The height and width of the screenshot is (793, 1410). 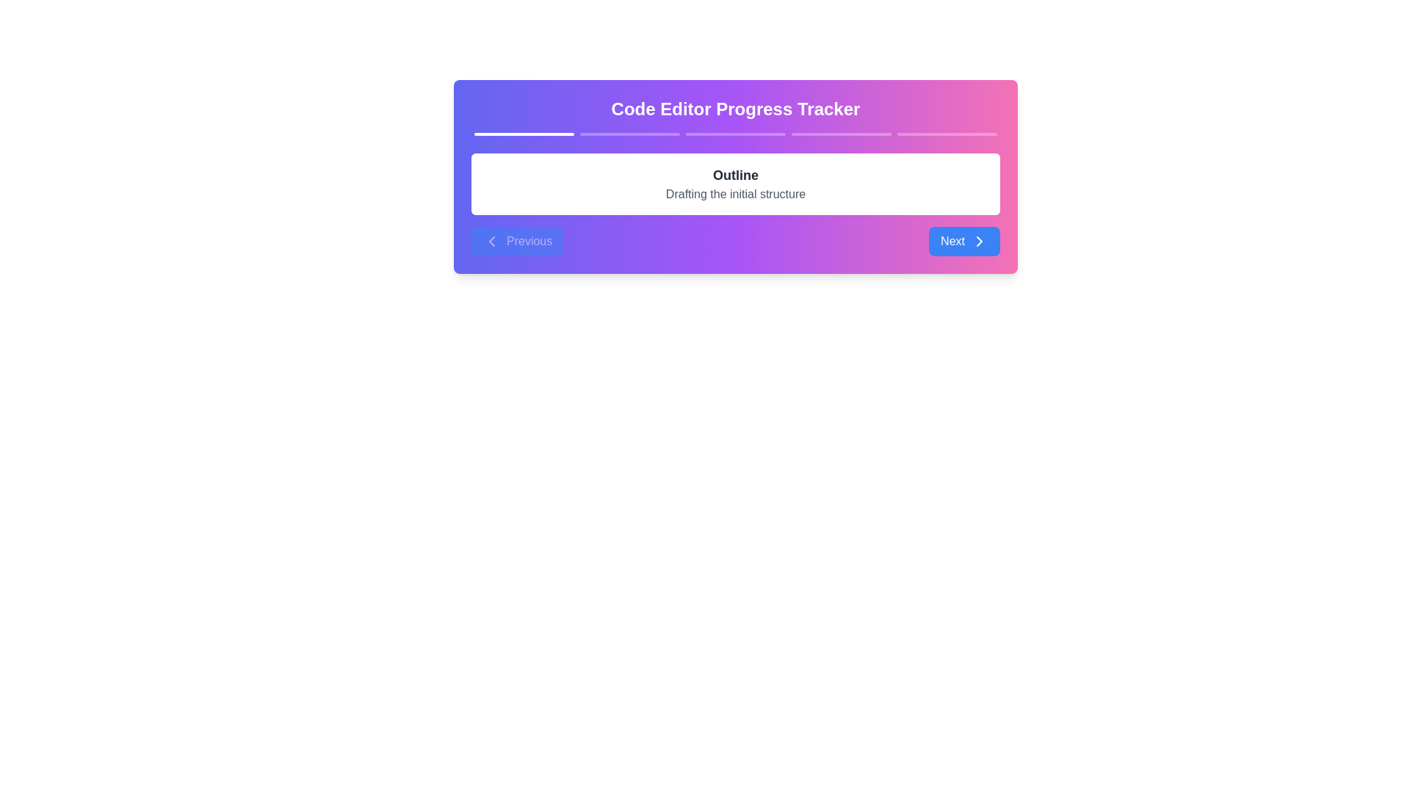 I want to click on the arrow icon that is part of the 'Next' button, located to the right of the 'Next' text label, which symbolizes progression, so click(x=980, y=240).